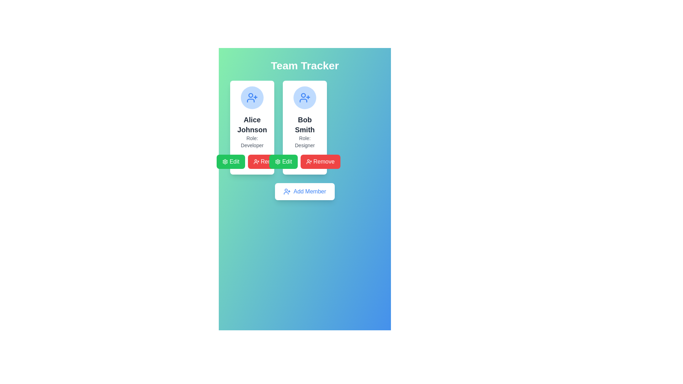 Image resolution: width=683 pixels, height=384 pixels. I want to click on the text label that displays the name of a person, which is centrally located in the first white card, above the text 'Role: Developer' and below a circular icon, so click(252, 124).